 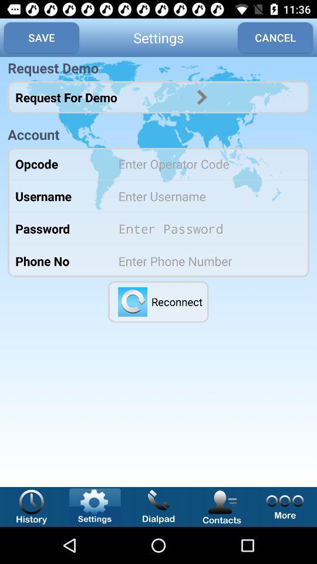 What do you see at coordinates (201, 96) in the screenshot?
I see `the arrow_forward icon` at bounding box center [201, 96].